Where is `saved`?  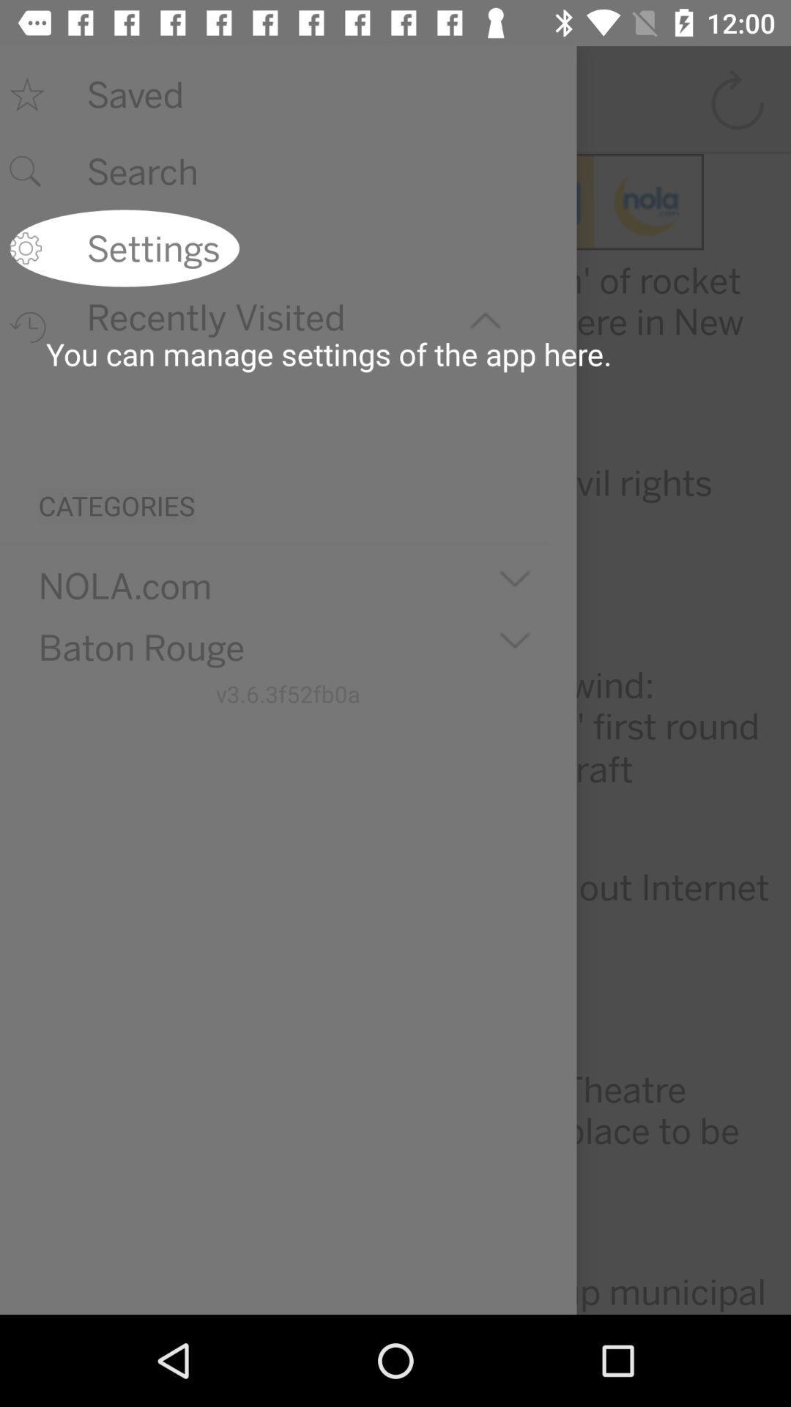
saved is located at coordinates (316, 94).